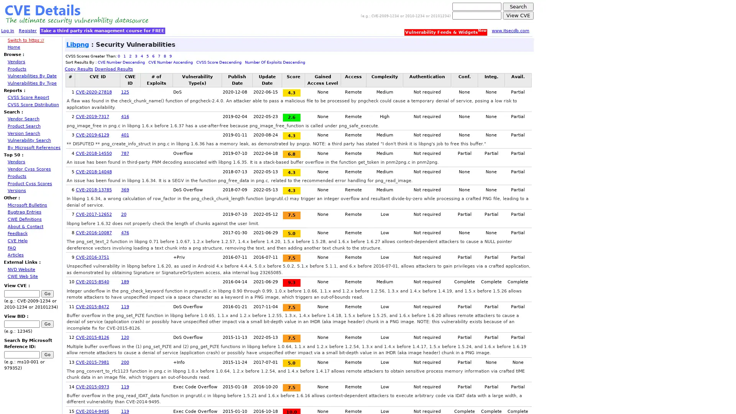  What do you see at coordinates (47, 293) in the screenshot?
I see `Go` at bounding box center [47, 293].